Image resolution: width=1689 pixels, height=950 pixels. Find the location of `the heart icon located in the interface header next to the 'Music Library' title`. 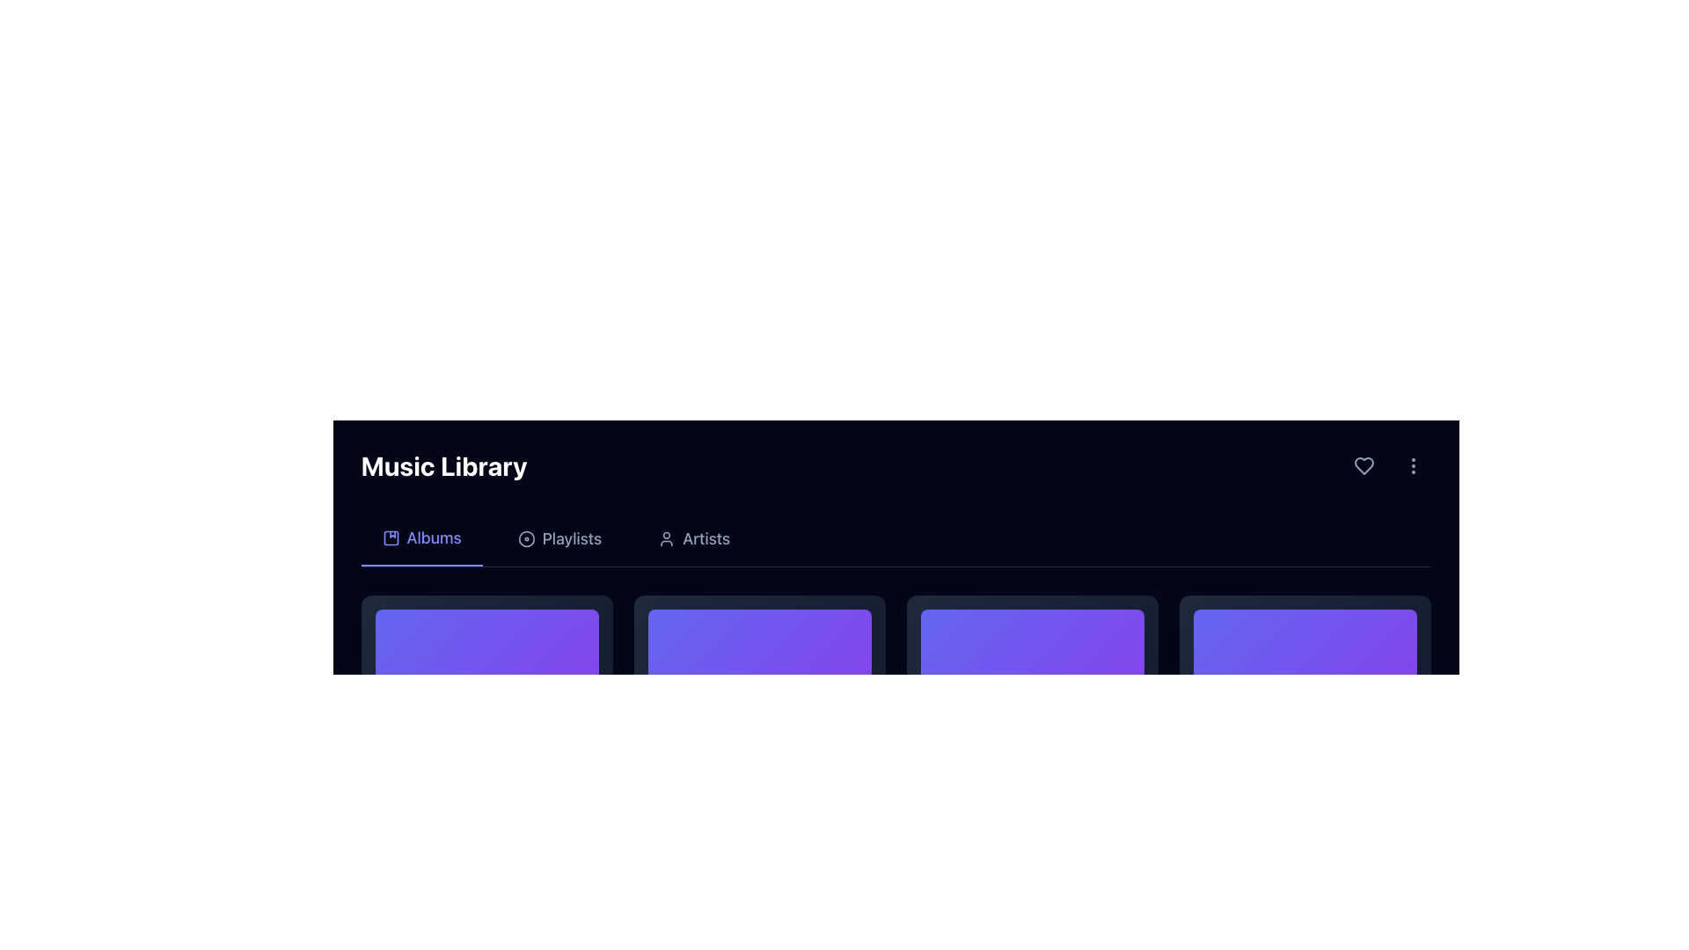

the heart icon located in the interface header next to the 'Music Library' title is located at coordinates (1363, 464).